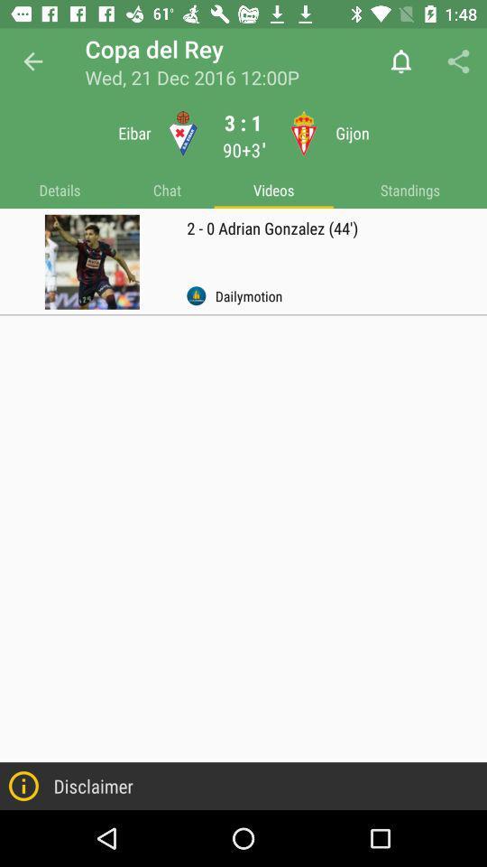 The image size is (487, 867). What do you see at coordinates (458, 61) in the screenshot?
I see `share icon beside bell icon on the page` at bounding box center [458, 61].